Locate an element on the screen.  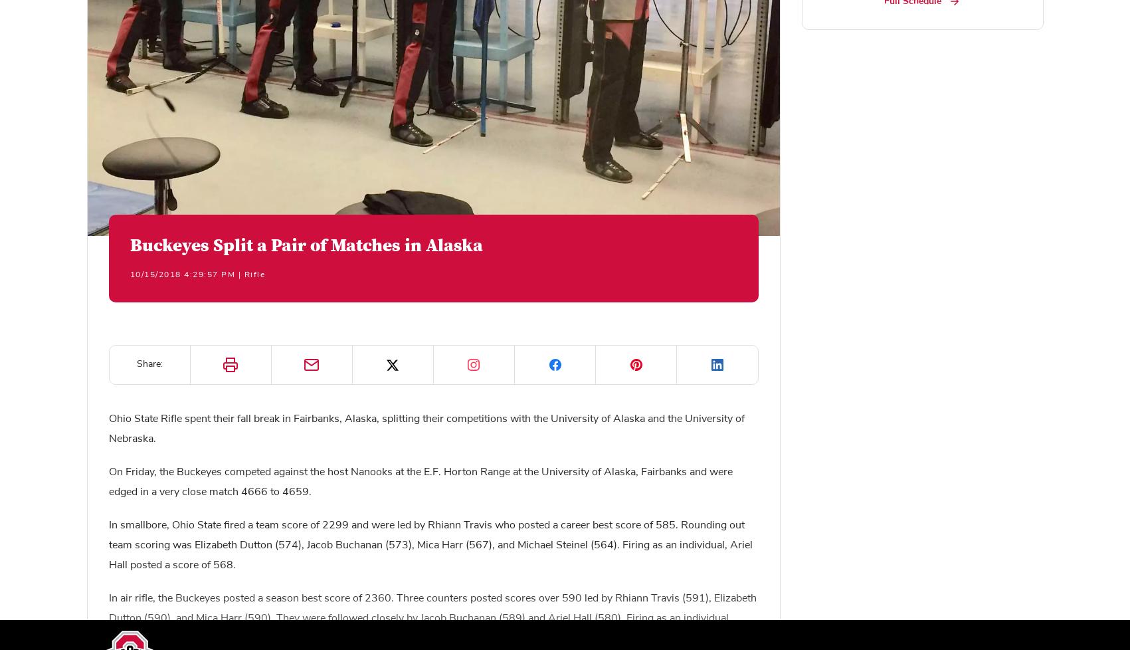
'“Making the journey up to Fairbanks is always a challenge, but I know that we have returned with a great deal of experience and some solid performances. No doubt these competitions are going to help us be better prepared when we return to Fairbanks for the Conference Championship Match in February. These matches have also highlighted areas of improvement that will keep us working toward our goals throughout the rest of the fall portion of the season.”' is located at coordinates (438, 130).